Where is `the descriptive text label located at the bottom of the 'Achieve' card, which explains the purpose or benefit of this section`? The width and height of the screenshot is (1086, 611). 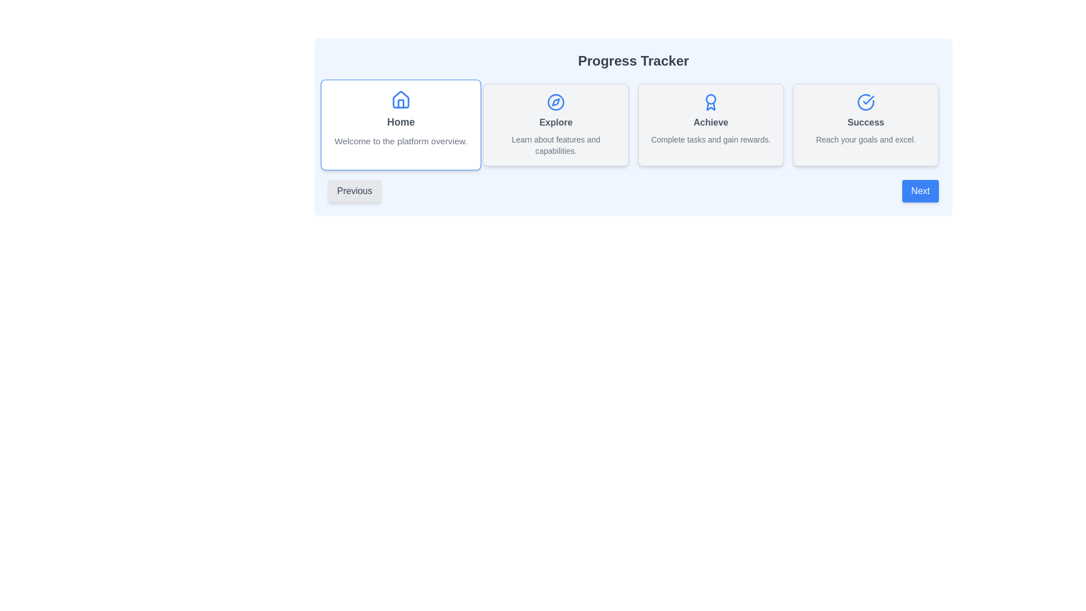
the descriptive text label located at the bottom of the 'Achieve' card, which explains the purpose or benefit of this section is located at coordinates (710, 139).